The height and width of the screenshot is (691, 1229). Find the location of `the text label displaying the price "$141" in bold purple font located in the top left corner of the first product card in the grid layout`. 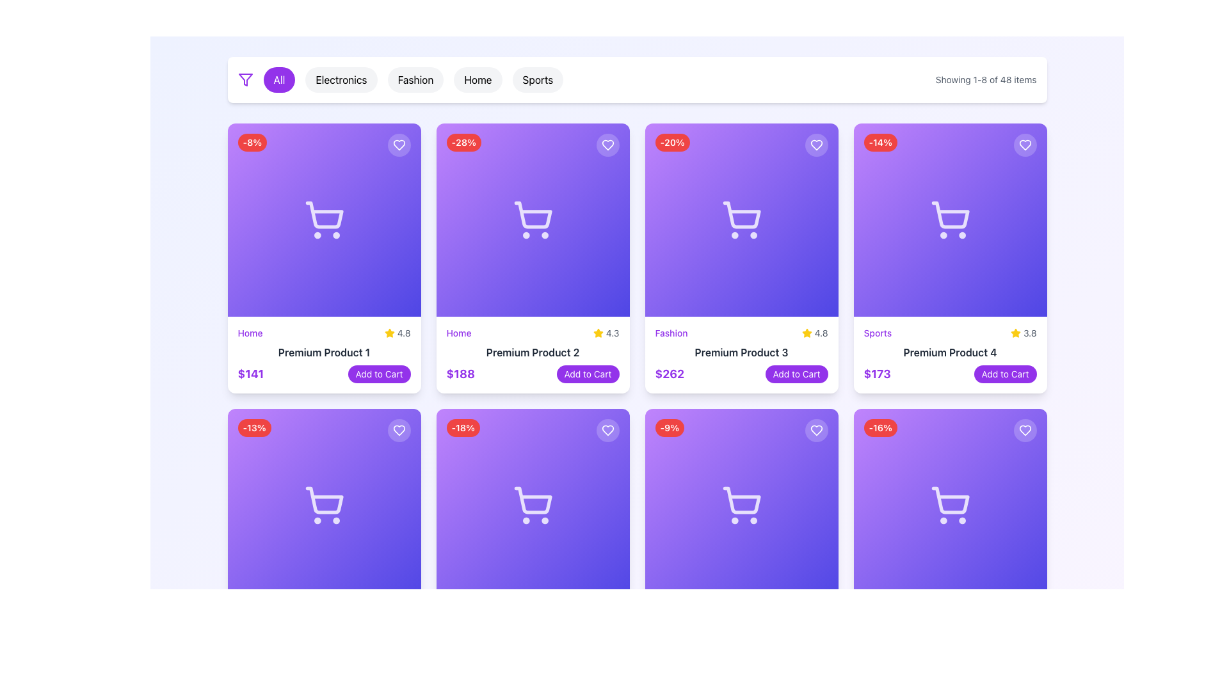

the text label displaying the price "$141" in bold purple font located in the top left corner of the first product card in the grid layout is located at coordinates (250, 374).